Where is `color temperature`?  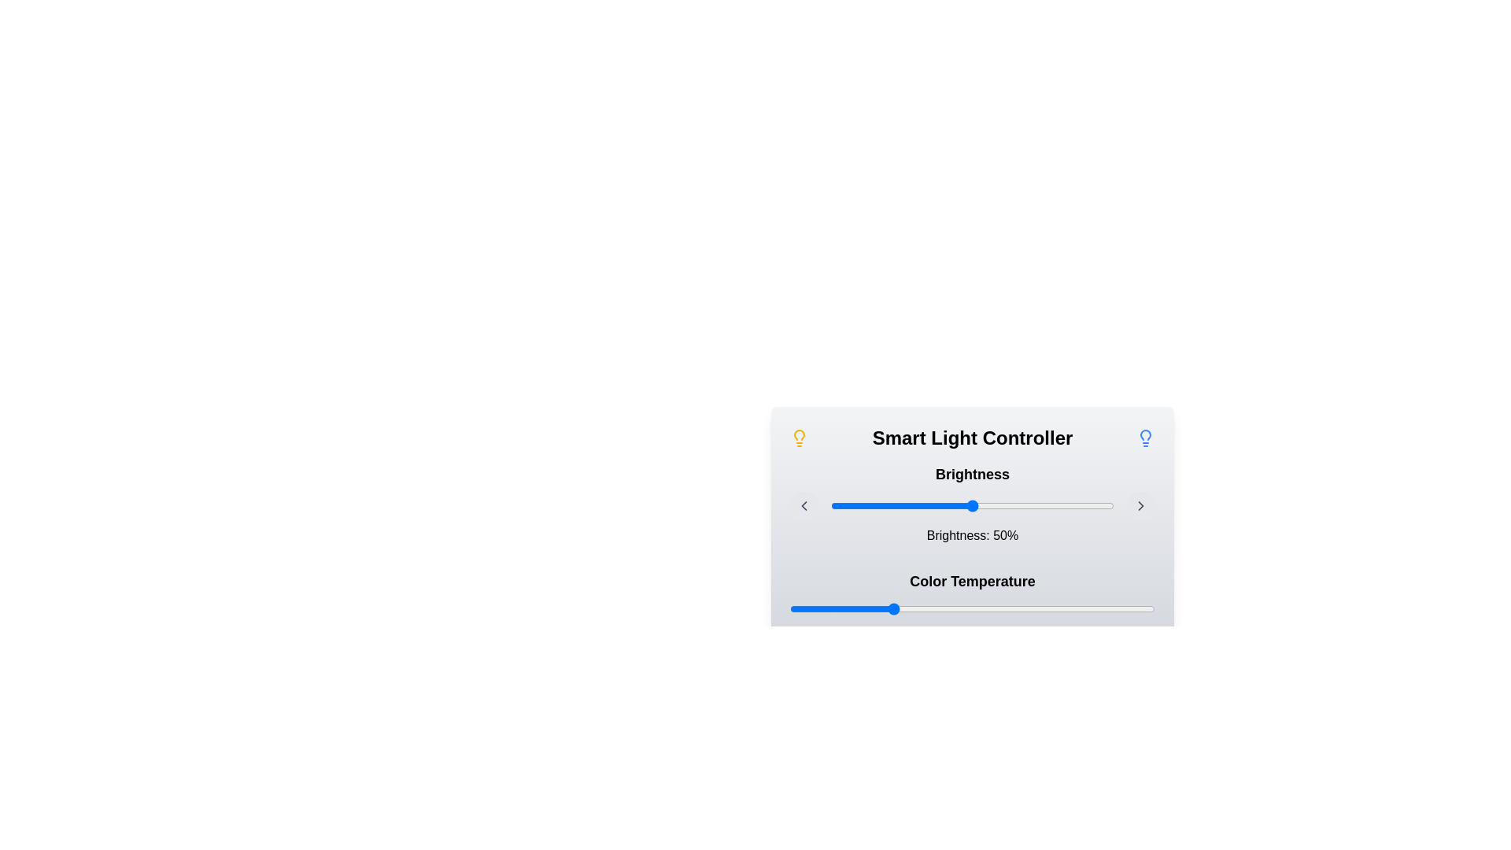
color temperature is located at coordinates (859, 608).